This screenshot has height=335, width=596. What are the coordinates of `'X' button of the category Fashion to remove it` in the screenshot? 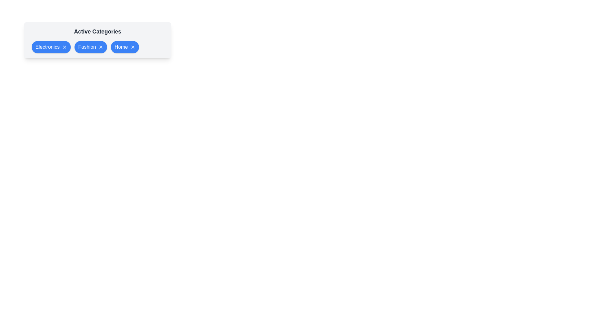 It's located at (101, 47).